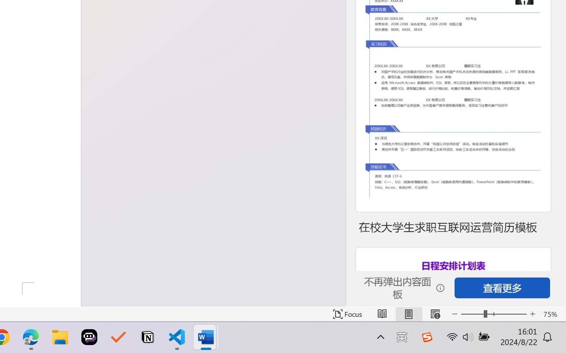 The image size is (566, 353). What do you see at coordinates (89, 337) in the screenshot?
I see `'Poe'` at bounding box center [89, 337].